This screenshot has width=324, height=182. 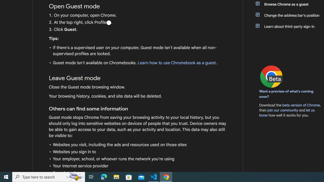 I want to click on 'Want a preview of what', so click(x=286, y=94).